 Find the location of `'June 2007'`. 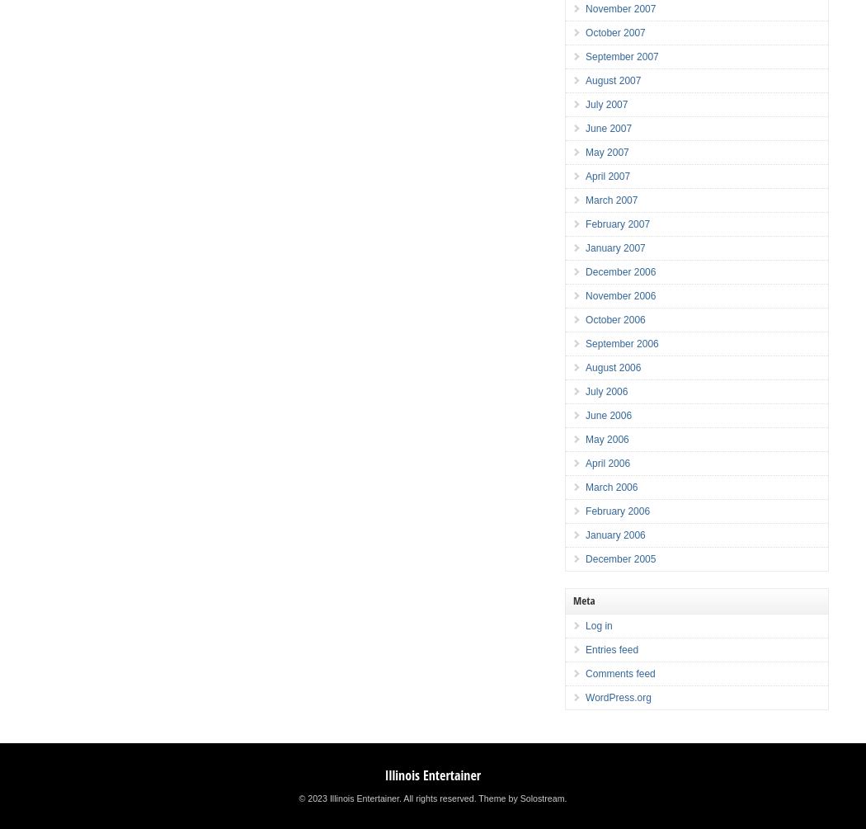

'June 2007' is located at coordinates (608, 128).